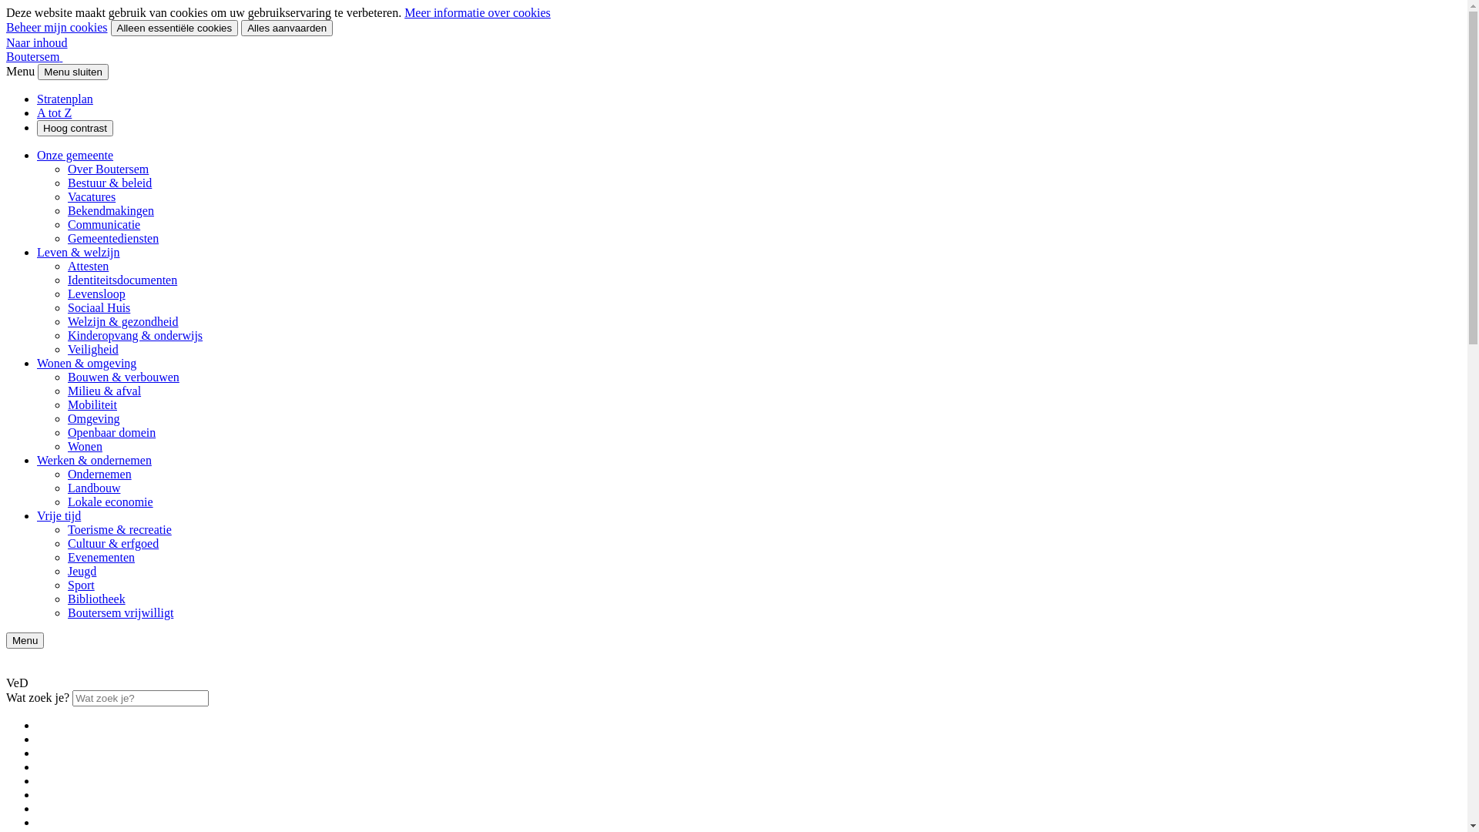 The image size is (1479, 832). I want to click on 'Landbouw', so click(92, 488).